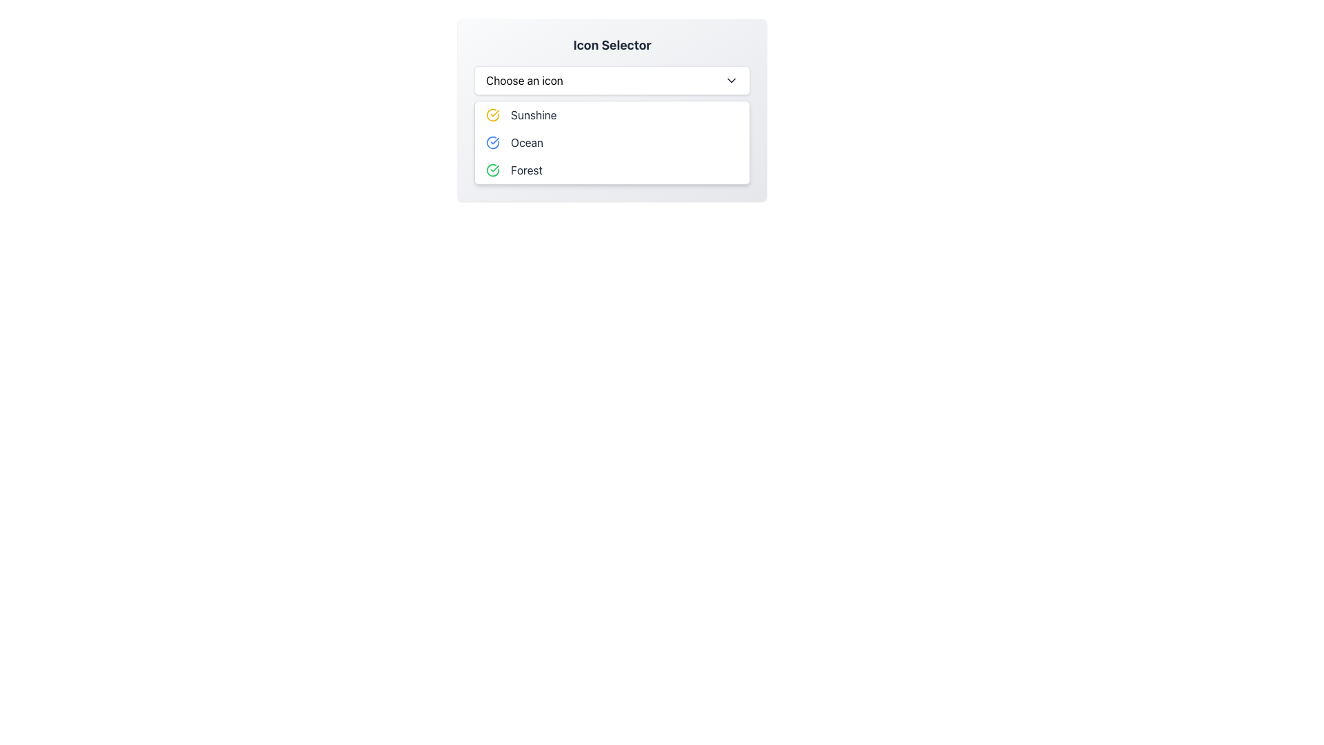 The image size is (1324, 745). What do you see at coordinates (493, 114) in the screenshot?
I see `the selection status icon indicating that the 'Sunshine' option is currently chosen` at bounding box center [493, 114].